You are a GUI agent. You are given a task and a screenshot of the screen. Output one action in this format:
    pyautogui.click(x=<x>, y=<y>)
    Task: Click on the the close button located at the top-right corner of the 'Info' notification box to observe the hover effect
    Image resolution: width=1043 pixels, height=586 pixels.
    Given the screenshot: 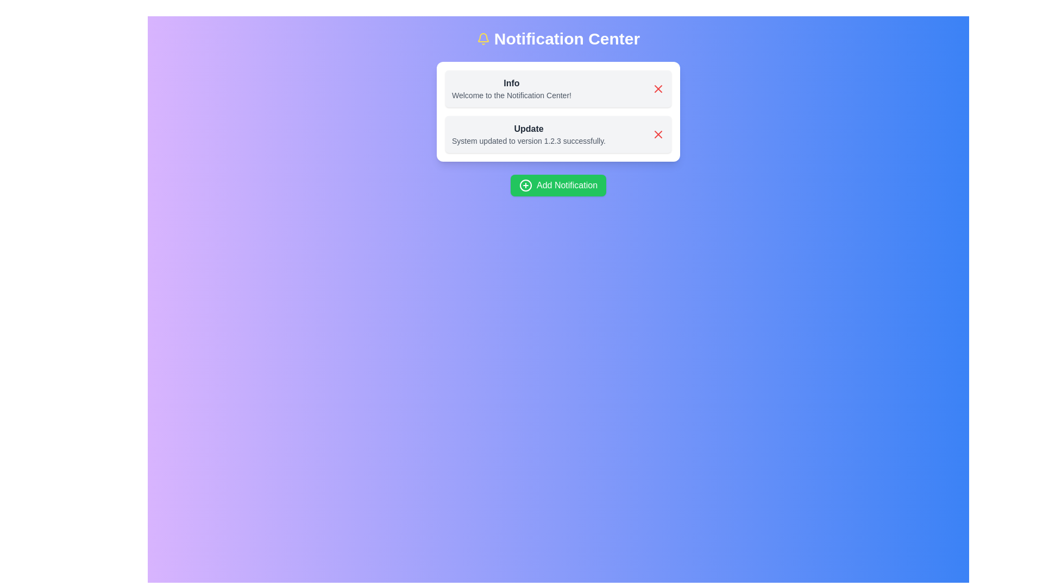 What is the action you would take?
    pyautogui.click(x=657, y=88)
    